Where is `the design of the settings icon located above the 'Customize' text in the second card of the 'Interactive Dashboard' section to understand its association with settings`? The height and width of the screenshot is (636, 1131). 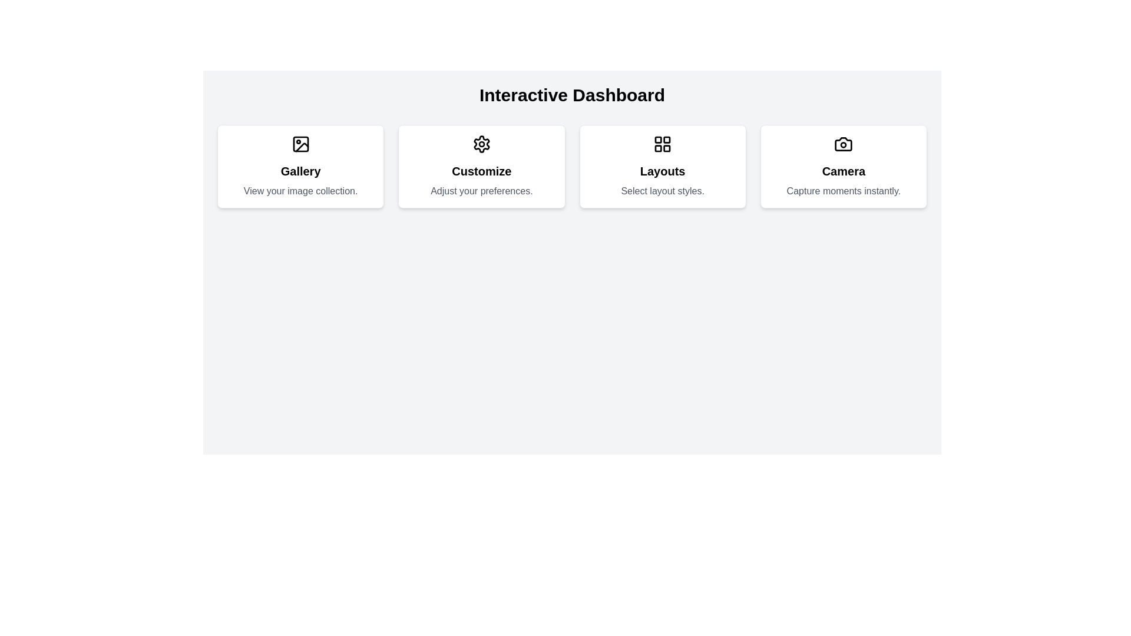 the design of the settings icon located above the 'Customize' text in the second card of the 'Interactive Dashboard' section to understand its association with settings is located at coordinates (481, 144).